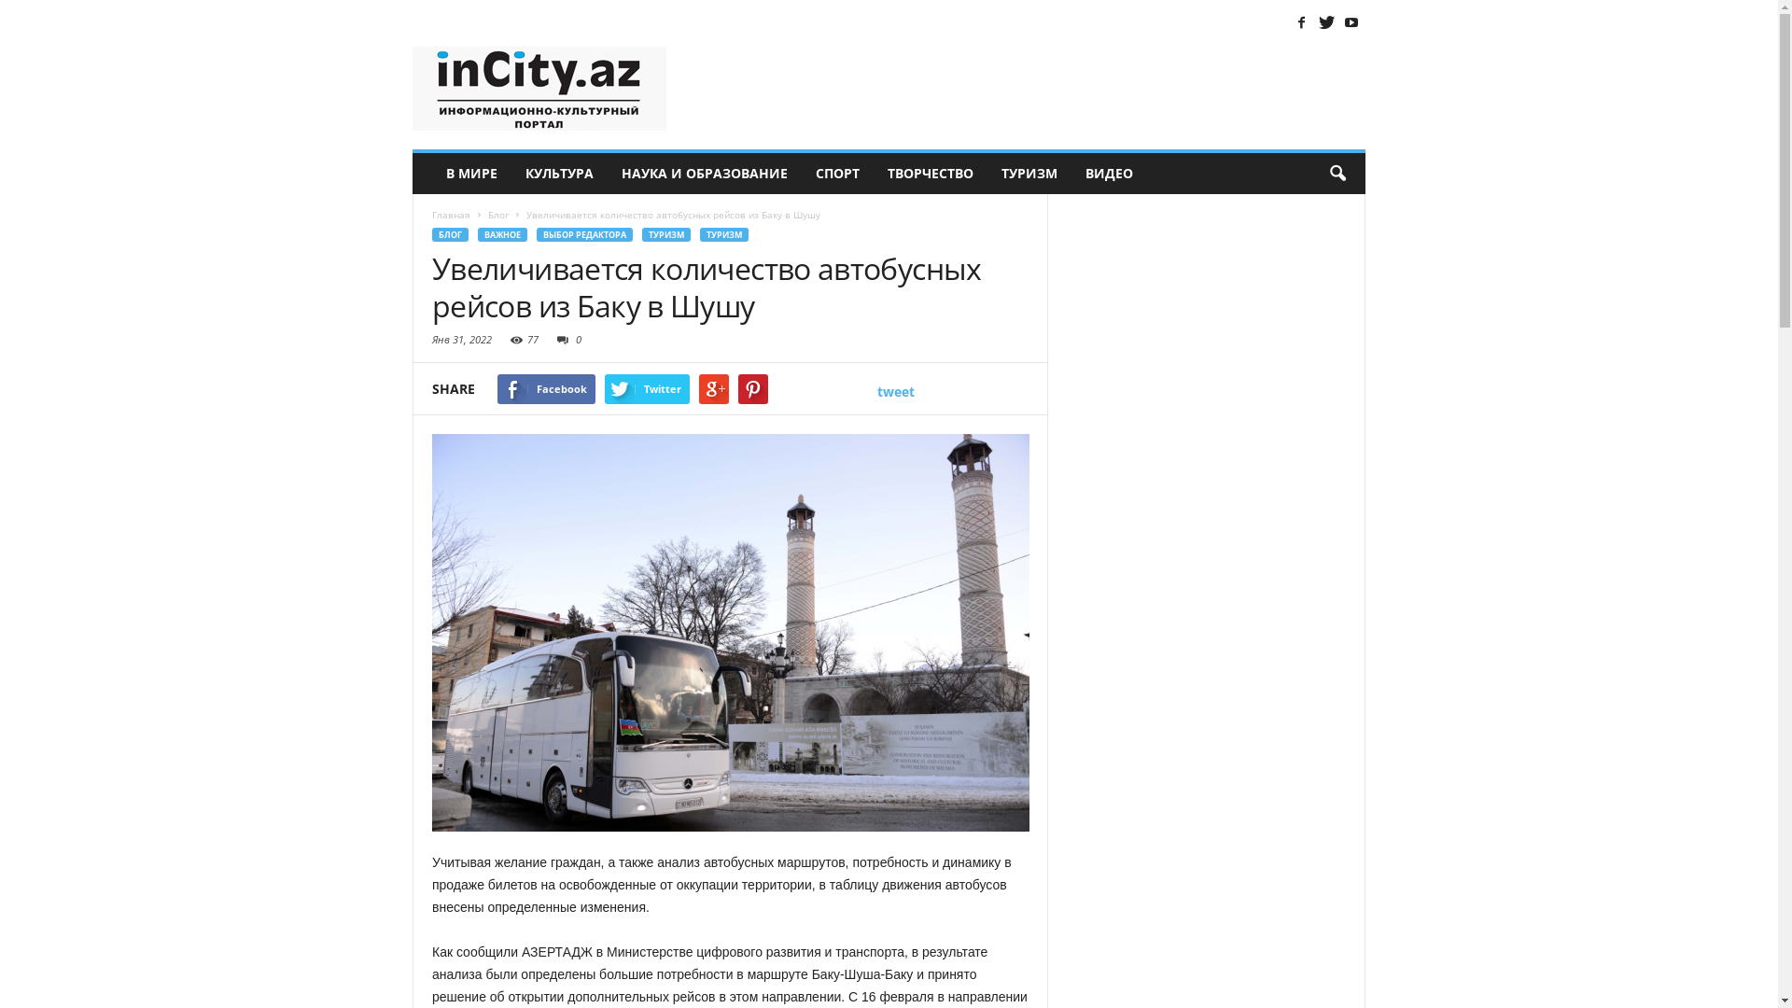 The image size is (1792, 1008). What do you see at coordinates (1025, 89) in the screenshot?
I see `'Advertisement'` at bounding box center [1025, 89].